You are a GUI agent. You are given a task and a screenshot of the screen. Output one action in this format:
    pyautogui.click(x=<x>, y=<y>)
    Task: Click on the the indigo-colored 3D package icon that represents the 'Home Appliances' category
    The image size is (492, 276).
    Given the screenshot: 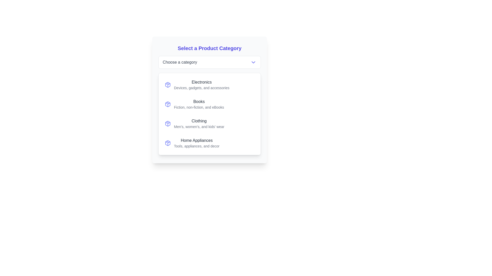 What is the action you would take?
    pyautogui.click(x=168, y=143)
    